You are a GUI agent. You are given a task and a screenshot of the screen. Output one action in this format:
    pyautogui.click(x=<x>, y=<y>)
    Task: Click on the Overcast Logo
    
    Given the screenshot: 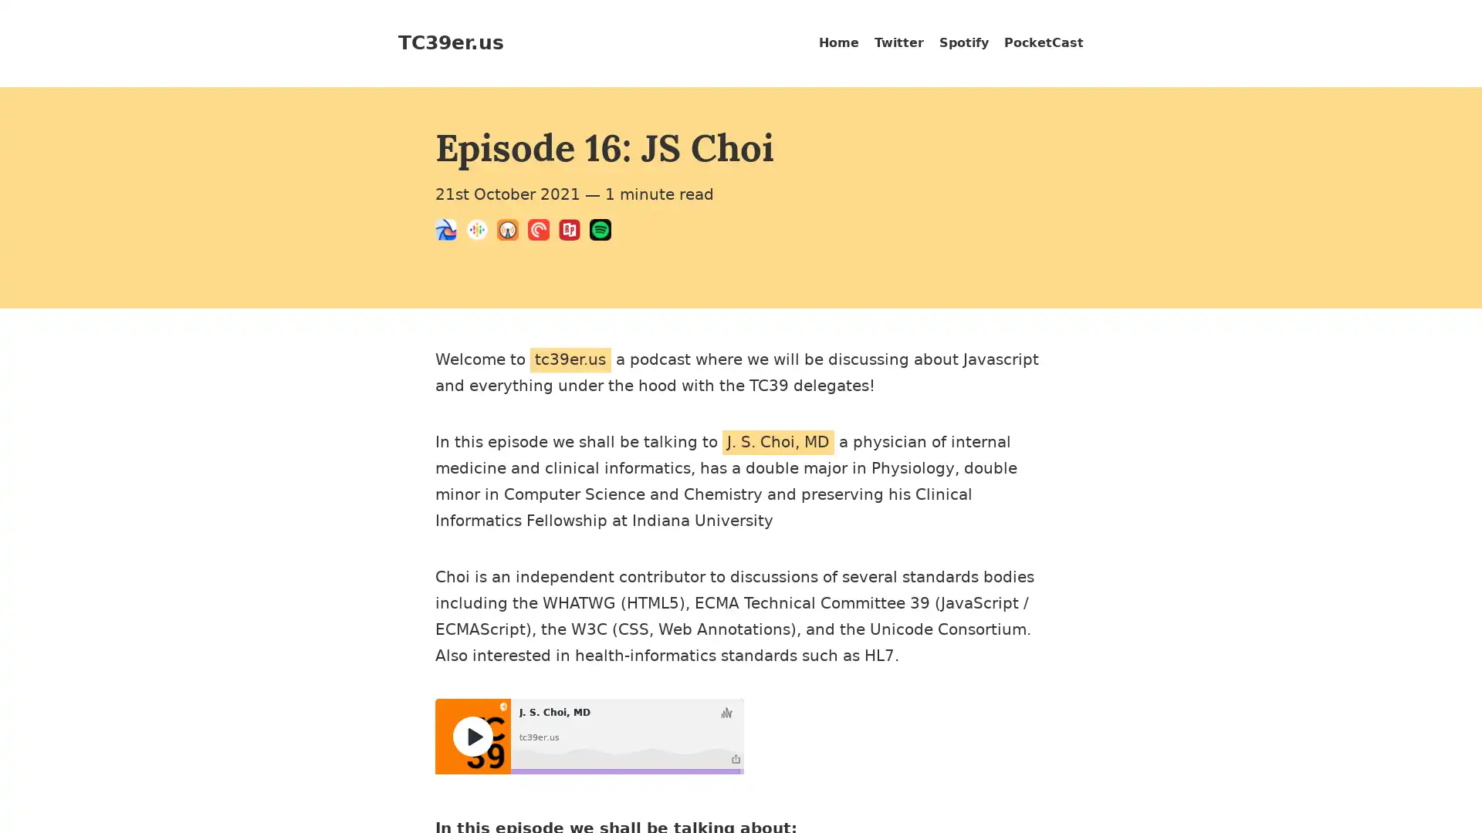 What is the action you would take?
    pyautogui.click(x=512, y=232)
    